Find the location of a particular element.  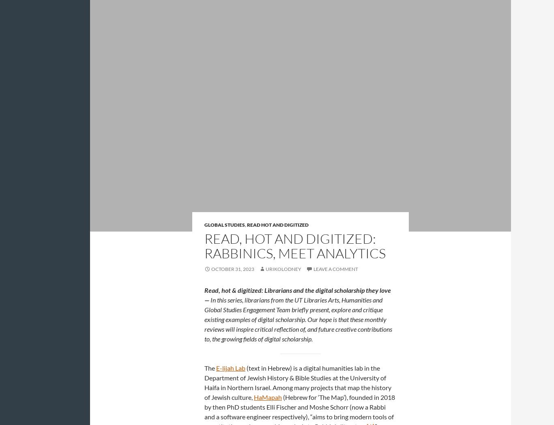

'October 31, 2023' is located at coordinates (232, 269).